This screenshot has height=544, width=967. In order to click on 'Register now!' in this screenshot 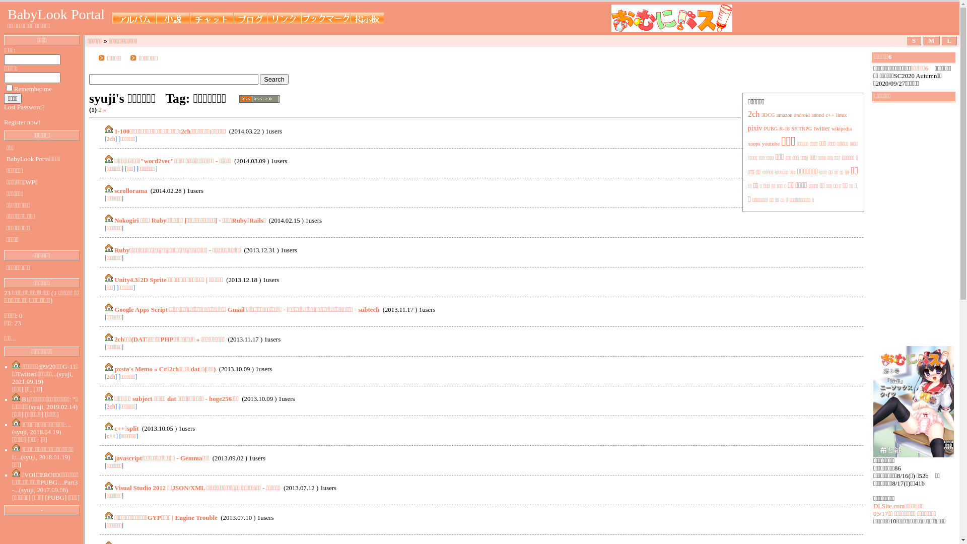, I will do `click(22, 122)`.